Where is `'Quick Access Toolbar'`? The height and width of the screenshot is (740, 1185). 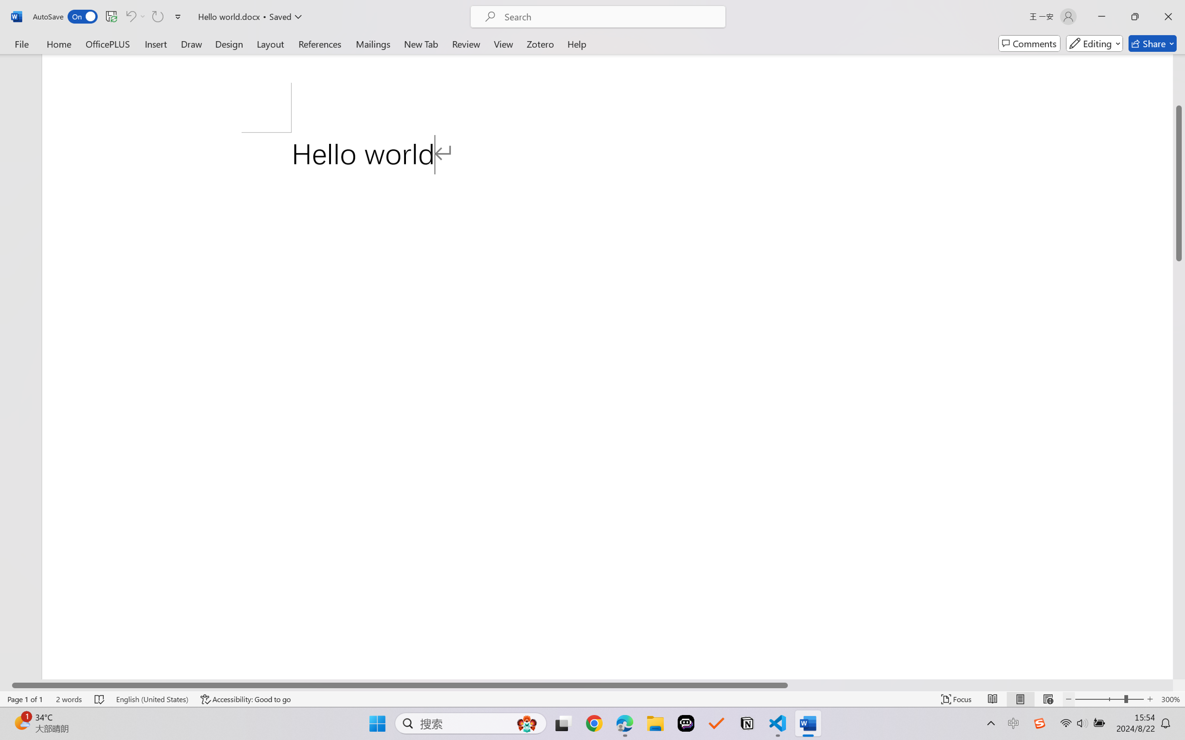
'Quick Access Toolbar' is located at coordinates (109, 16).